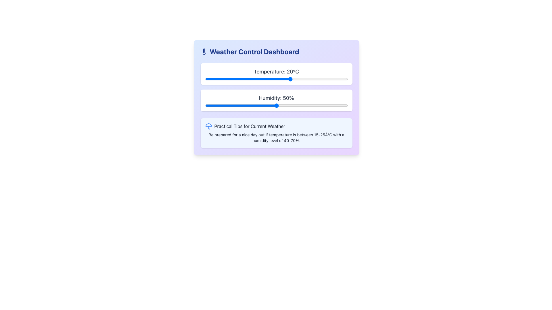 This screenshot has height=310, width=552. I want to click on the temperature, so click(227, 79).